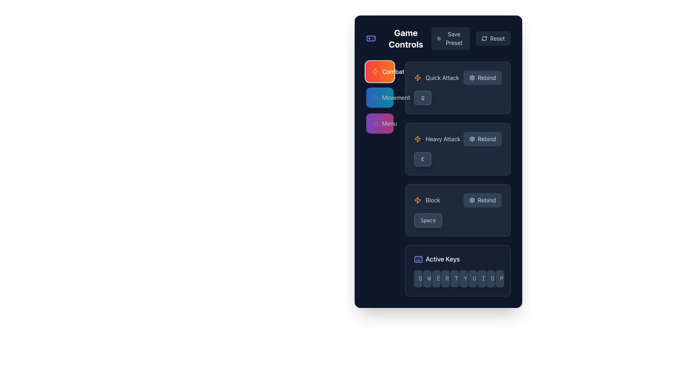 The width and height of the screenshot is (692, 389). Describe the element at coordinates (473, 278) in the screenshot. I see `the rounded rectangular button labeled 'U' with a dark slate background, located in the seventh slot of the QWERTYUIOP row in the 'Active Keys' section` at that location.